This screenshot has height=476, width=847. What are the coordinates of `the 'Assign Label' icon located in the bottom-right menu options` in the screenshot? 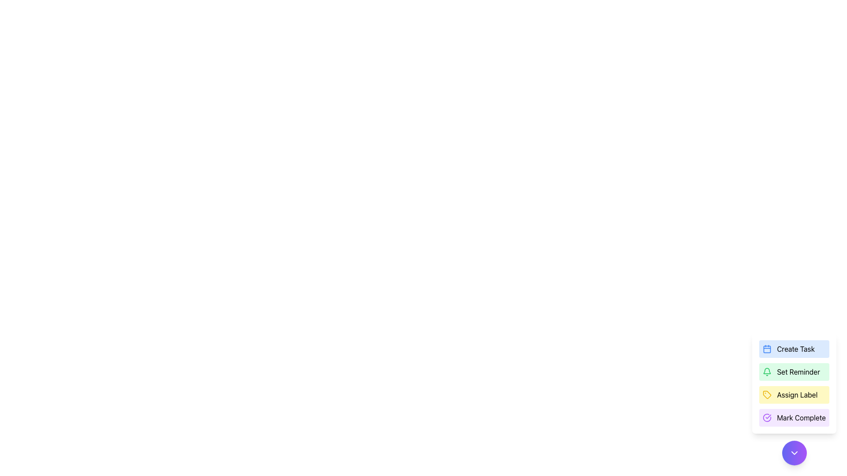 It's located at (767, 394).